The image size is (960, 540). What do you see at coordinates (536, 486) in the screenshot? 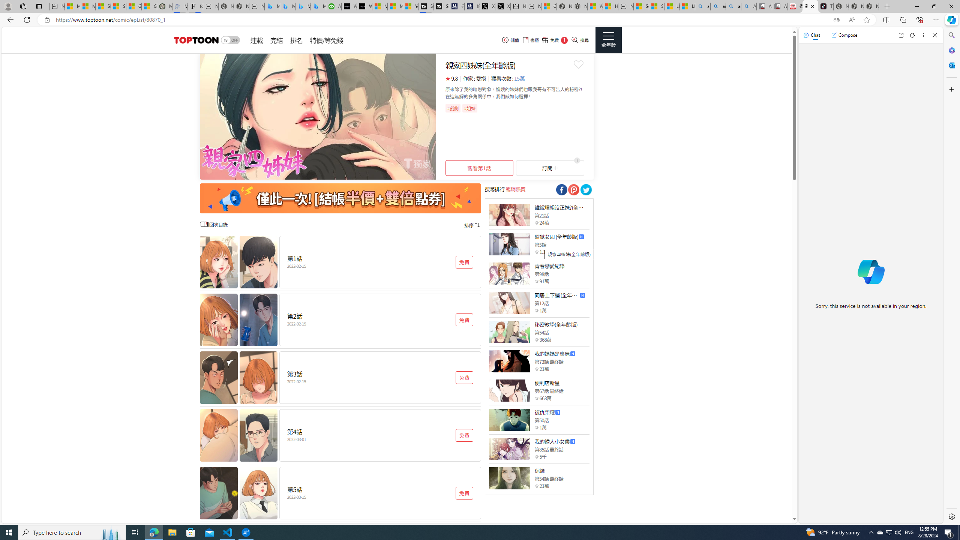
I see `'Class: epicon_starpoint'` at bounding box center [536, 486].